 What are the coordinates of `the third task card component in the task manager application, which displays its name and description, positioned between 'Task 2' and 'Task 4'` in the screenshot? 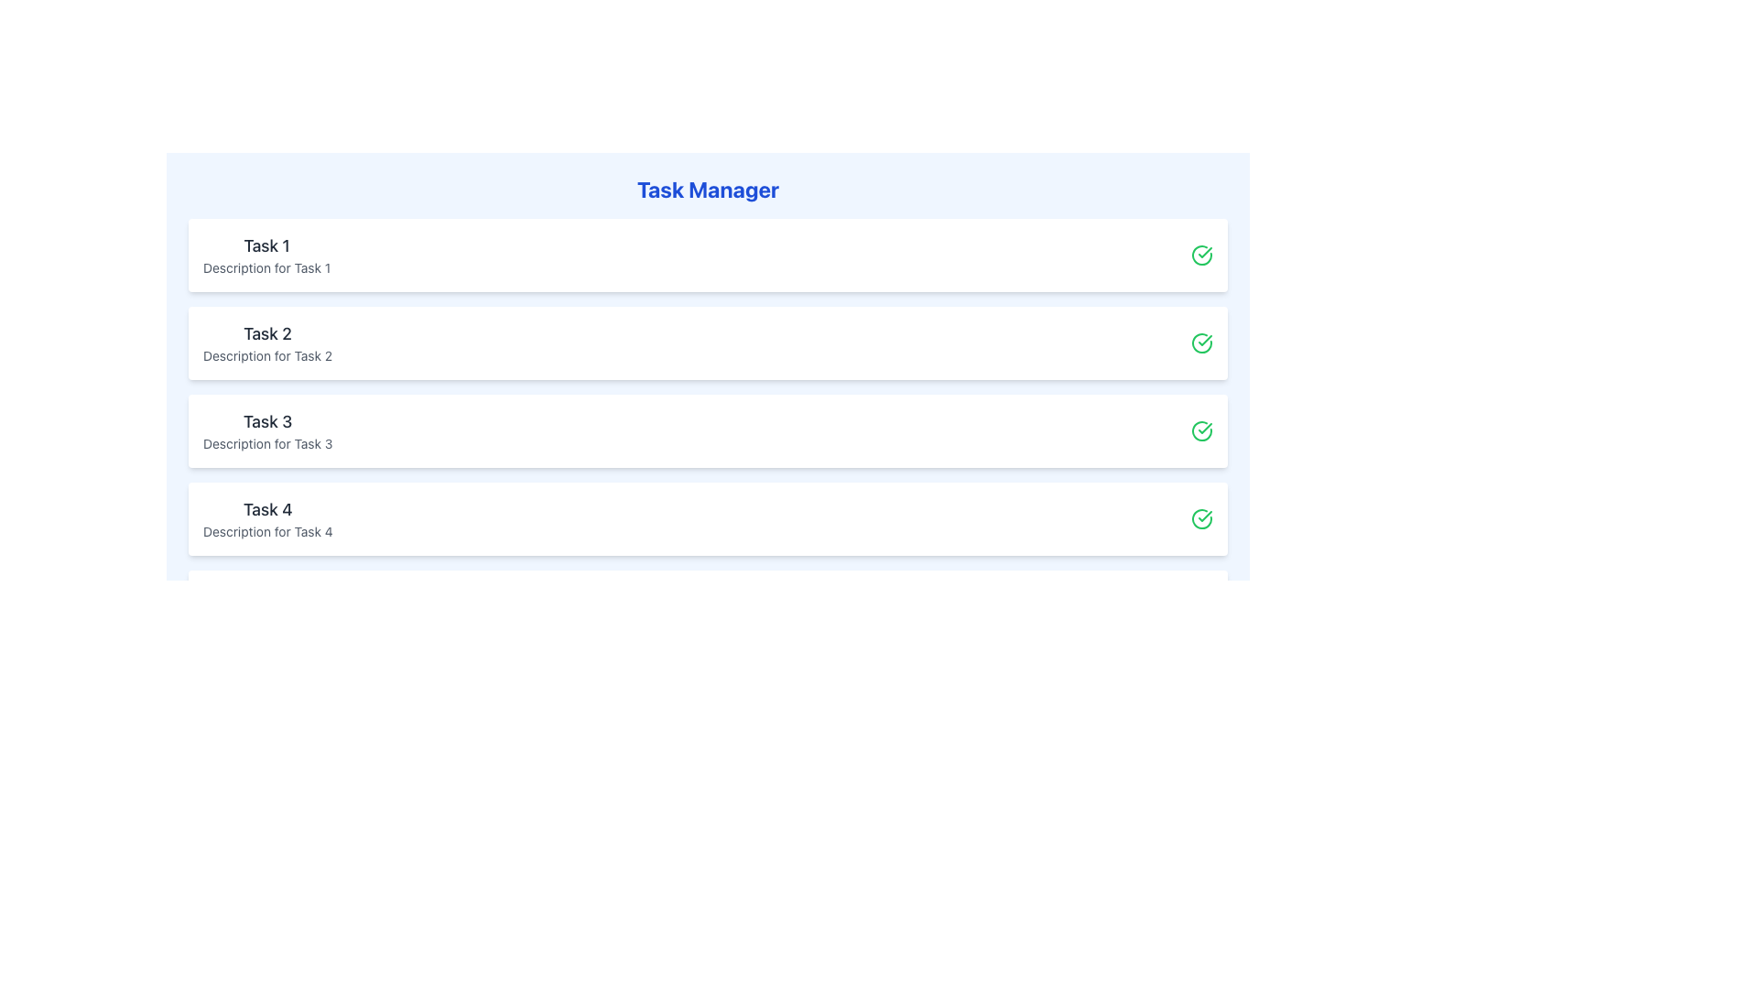 It's located at (266, 430).